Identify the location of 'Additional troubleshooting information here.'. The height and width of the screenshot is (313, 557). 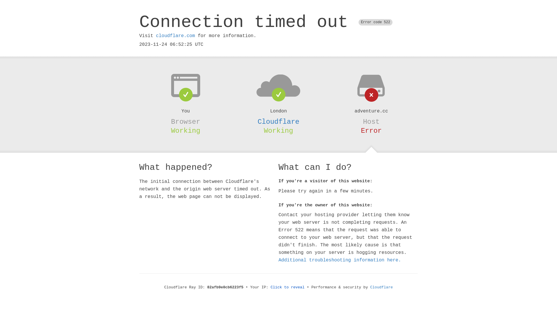
(340, 260).